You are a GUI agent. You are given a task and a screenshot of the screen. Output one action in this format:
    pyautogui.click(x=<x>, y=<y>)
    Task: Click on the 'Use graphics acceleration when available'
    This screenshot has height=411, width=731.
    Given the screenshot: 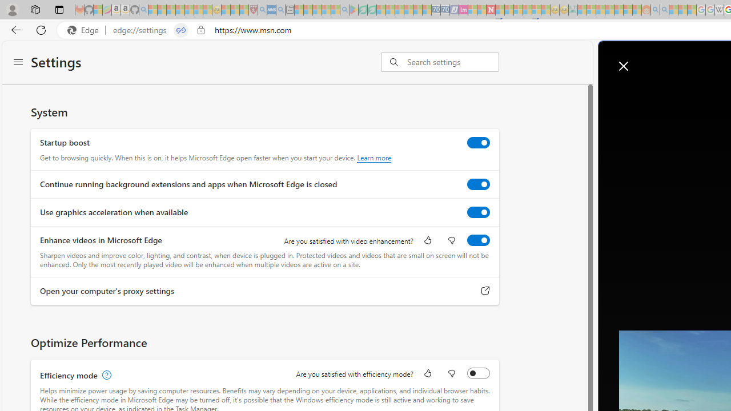 What is the action you would take?
    pyautogui.click(x=478, y=212)
    